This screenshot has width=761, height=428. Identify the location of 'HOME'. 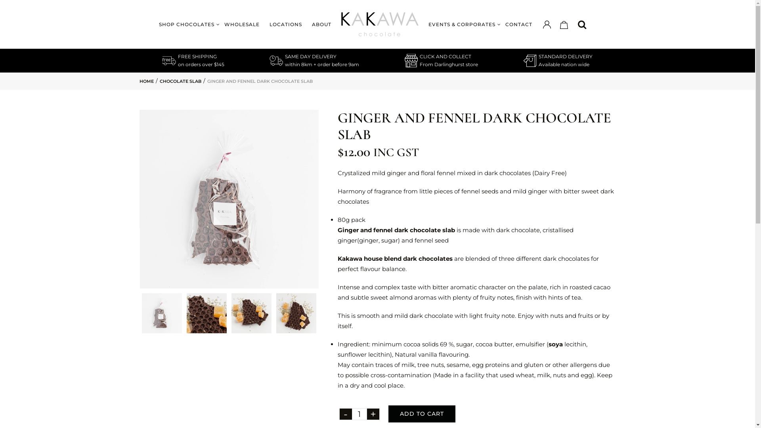
(146, 81).